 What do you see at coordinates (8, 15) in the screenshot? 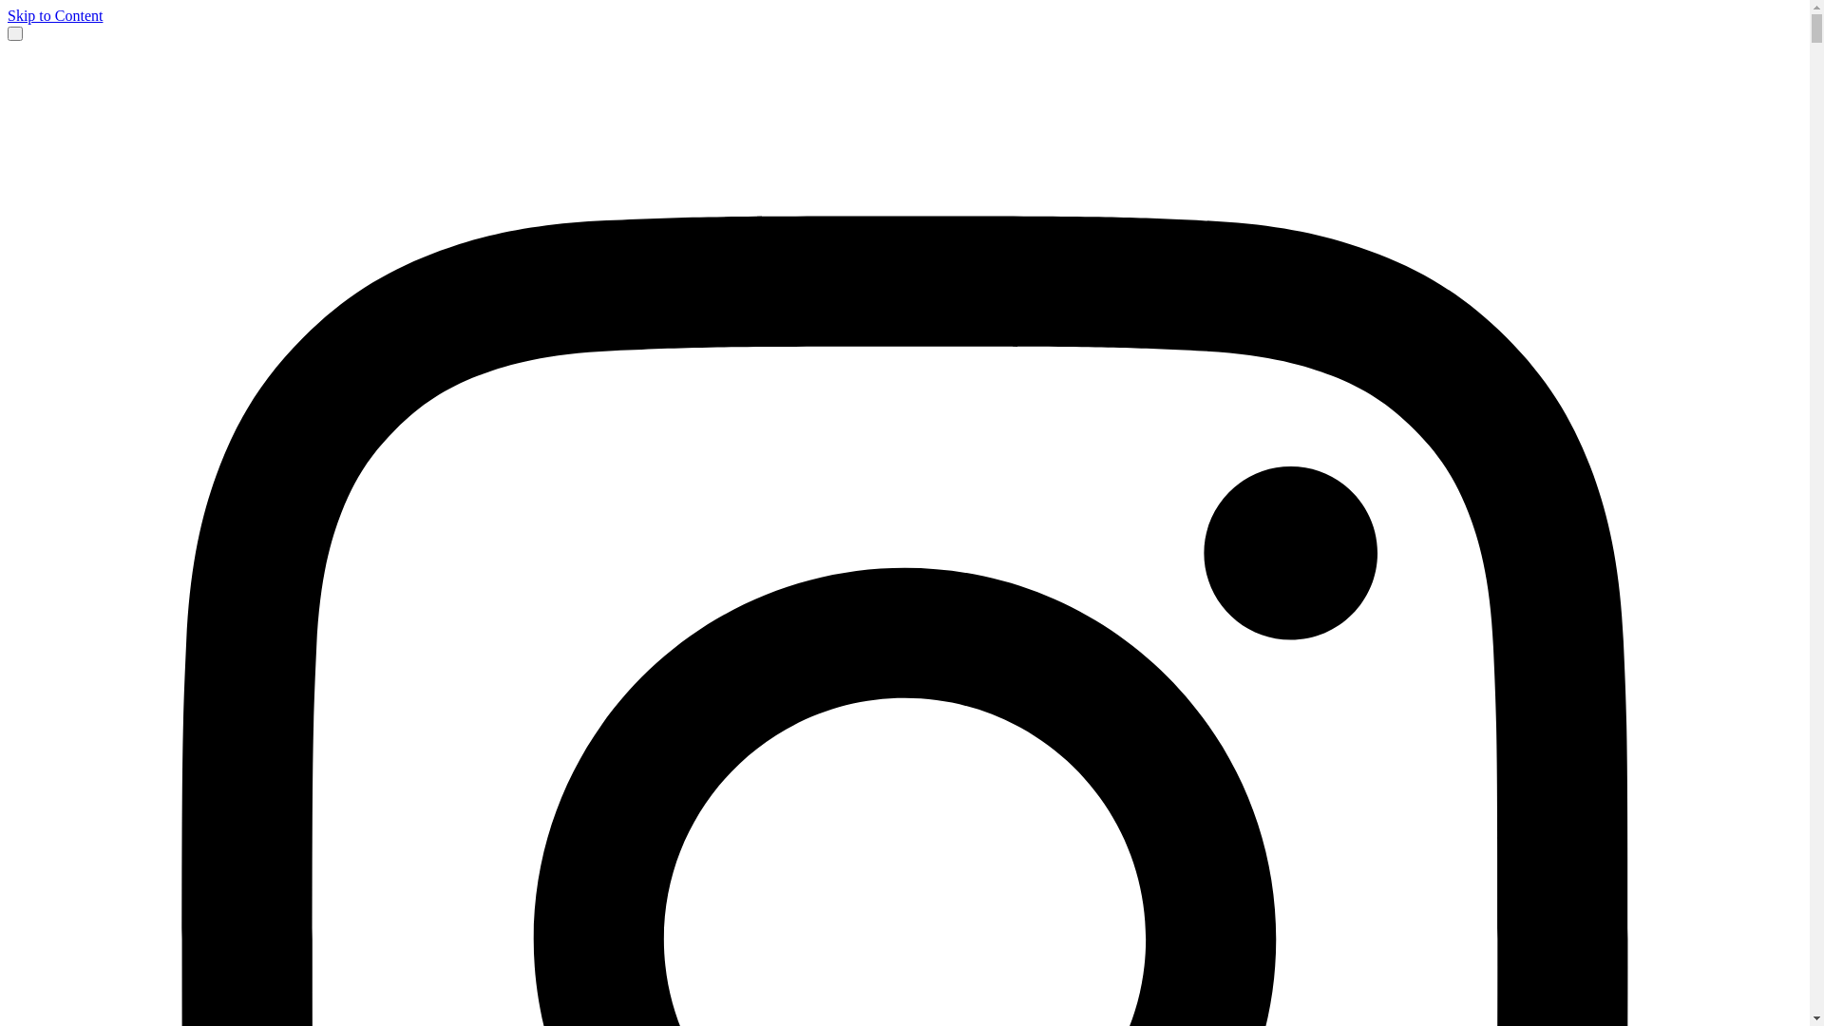
I see `'Skip to Content'` at bounding box center [8, 15].